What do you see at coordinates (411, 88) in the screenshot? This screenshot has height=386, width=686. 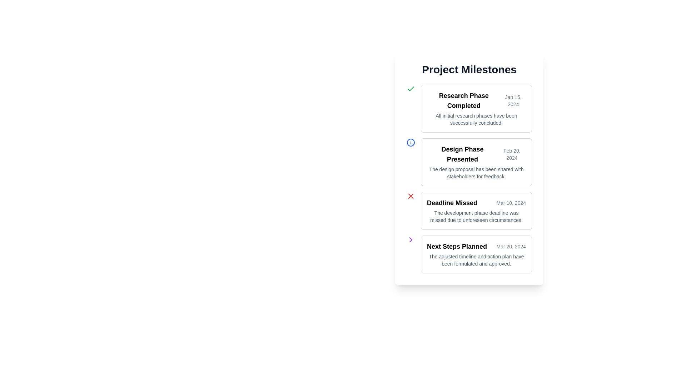 I see `the green checkmark icon that indicates a completed task, located to the left of the 'Research Phase Completed' title` at bounding box center [411, 88].